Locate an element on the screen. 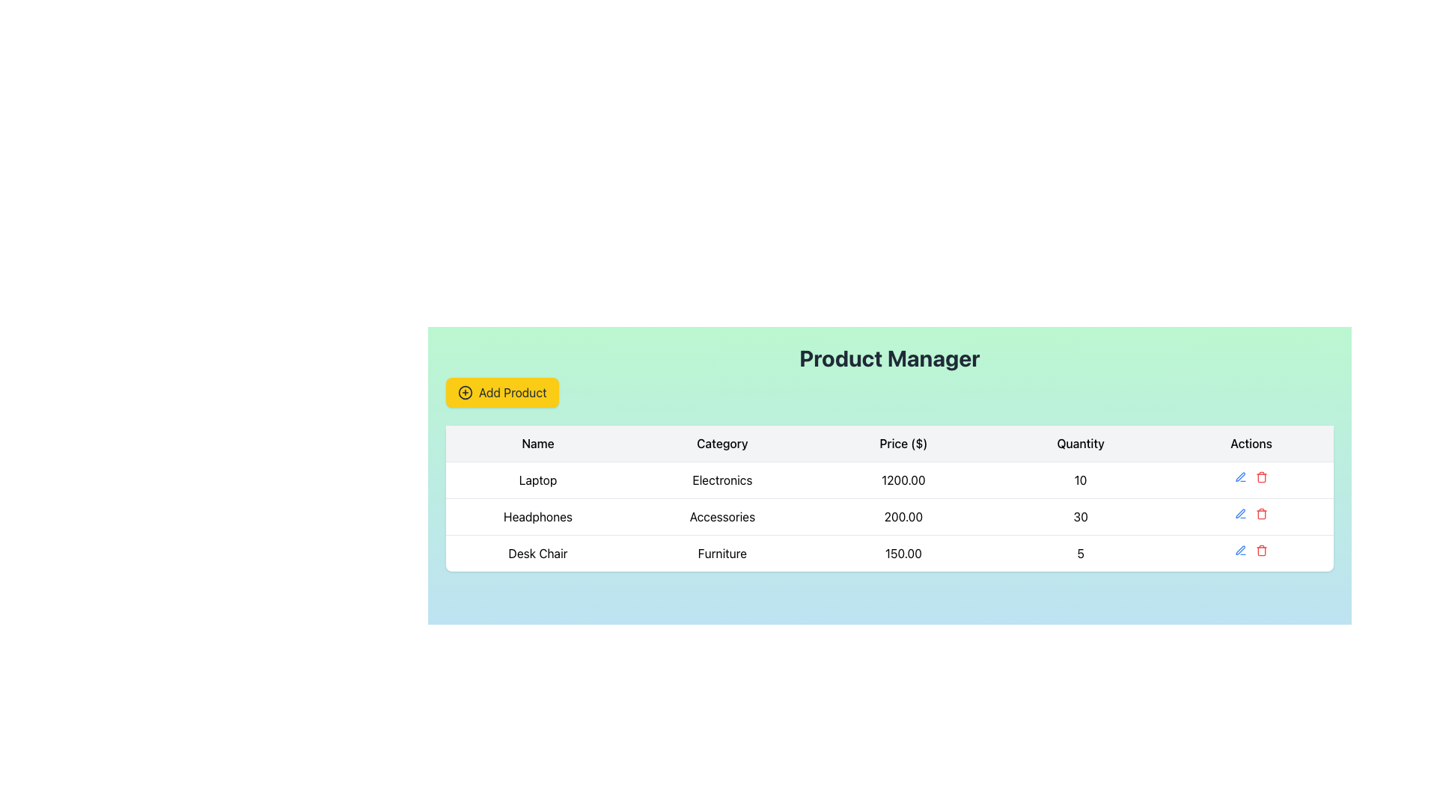 This screenshot has height=808, width=1437. the 'Laptop' text label located in the first row and first column of the product details table is located at coordinates (538, 480).